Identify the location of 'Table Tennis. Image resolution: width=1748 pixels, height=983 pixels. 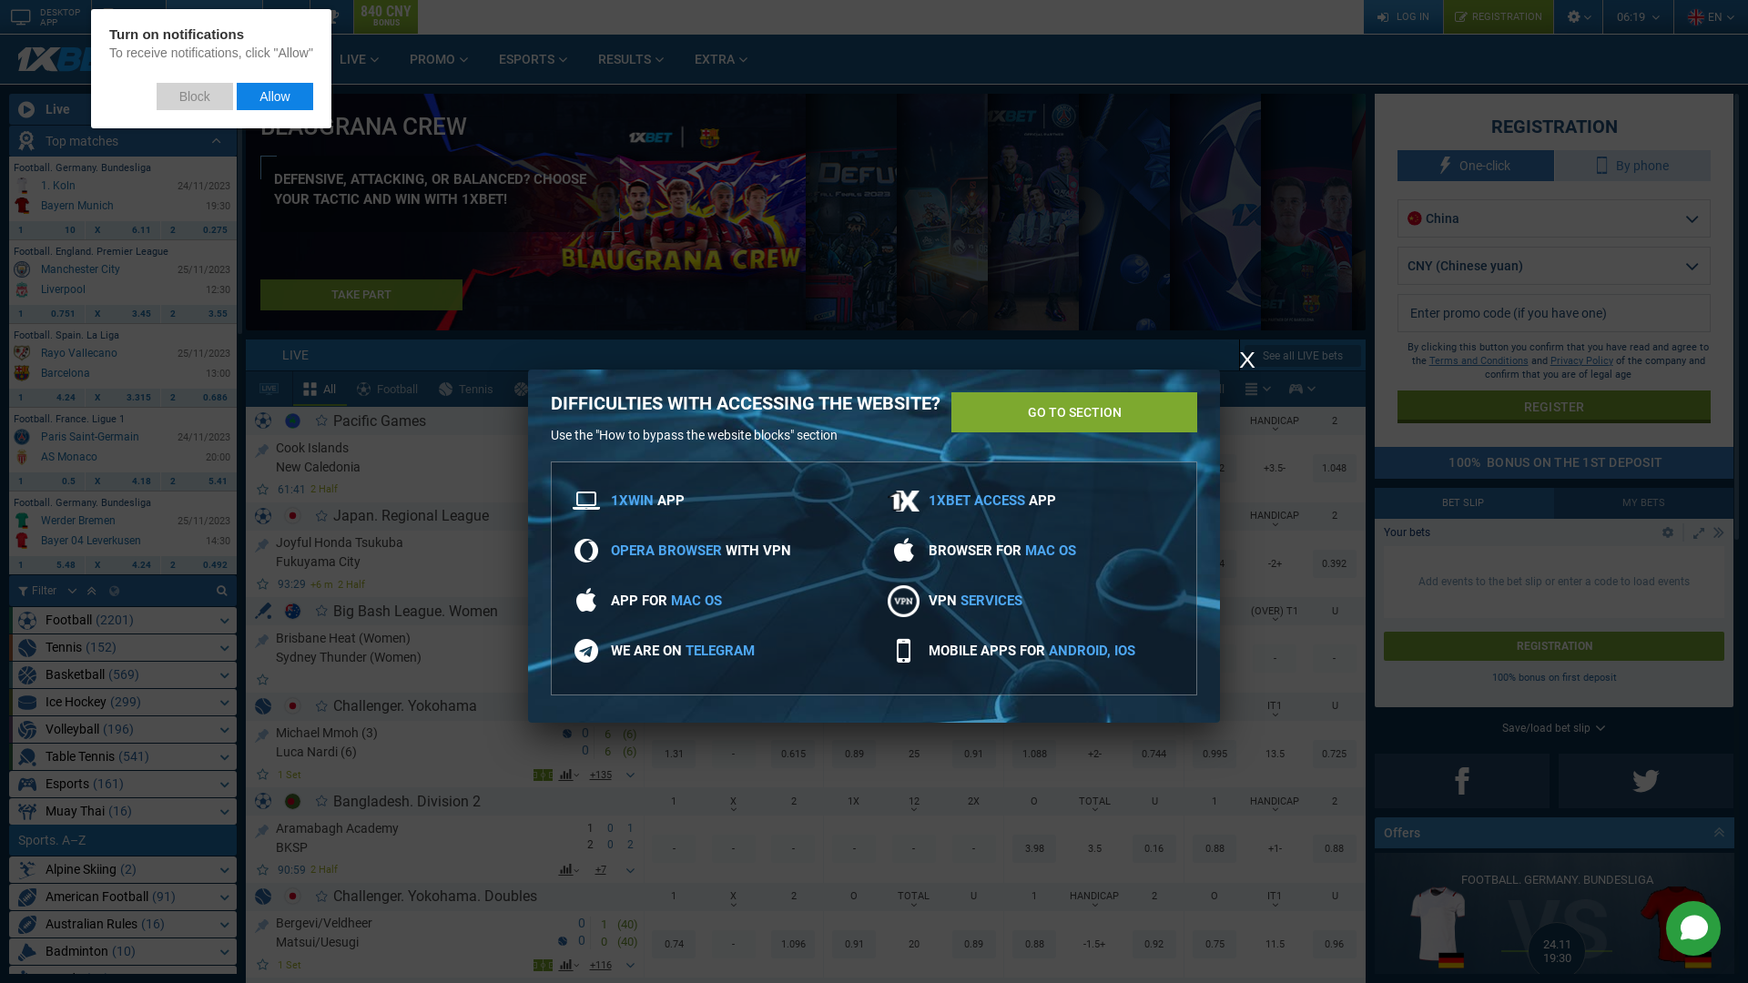
(121, 756).